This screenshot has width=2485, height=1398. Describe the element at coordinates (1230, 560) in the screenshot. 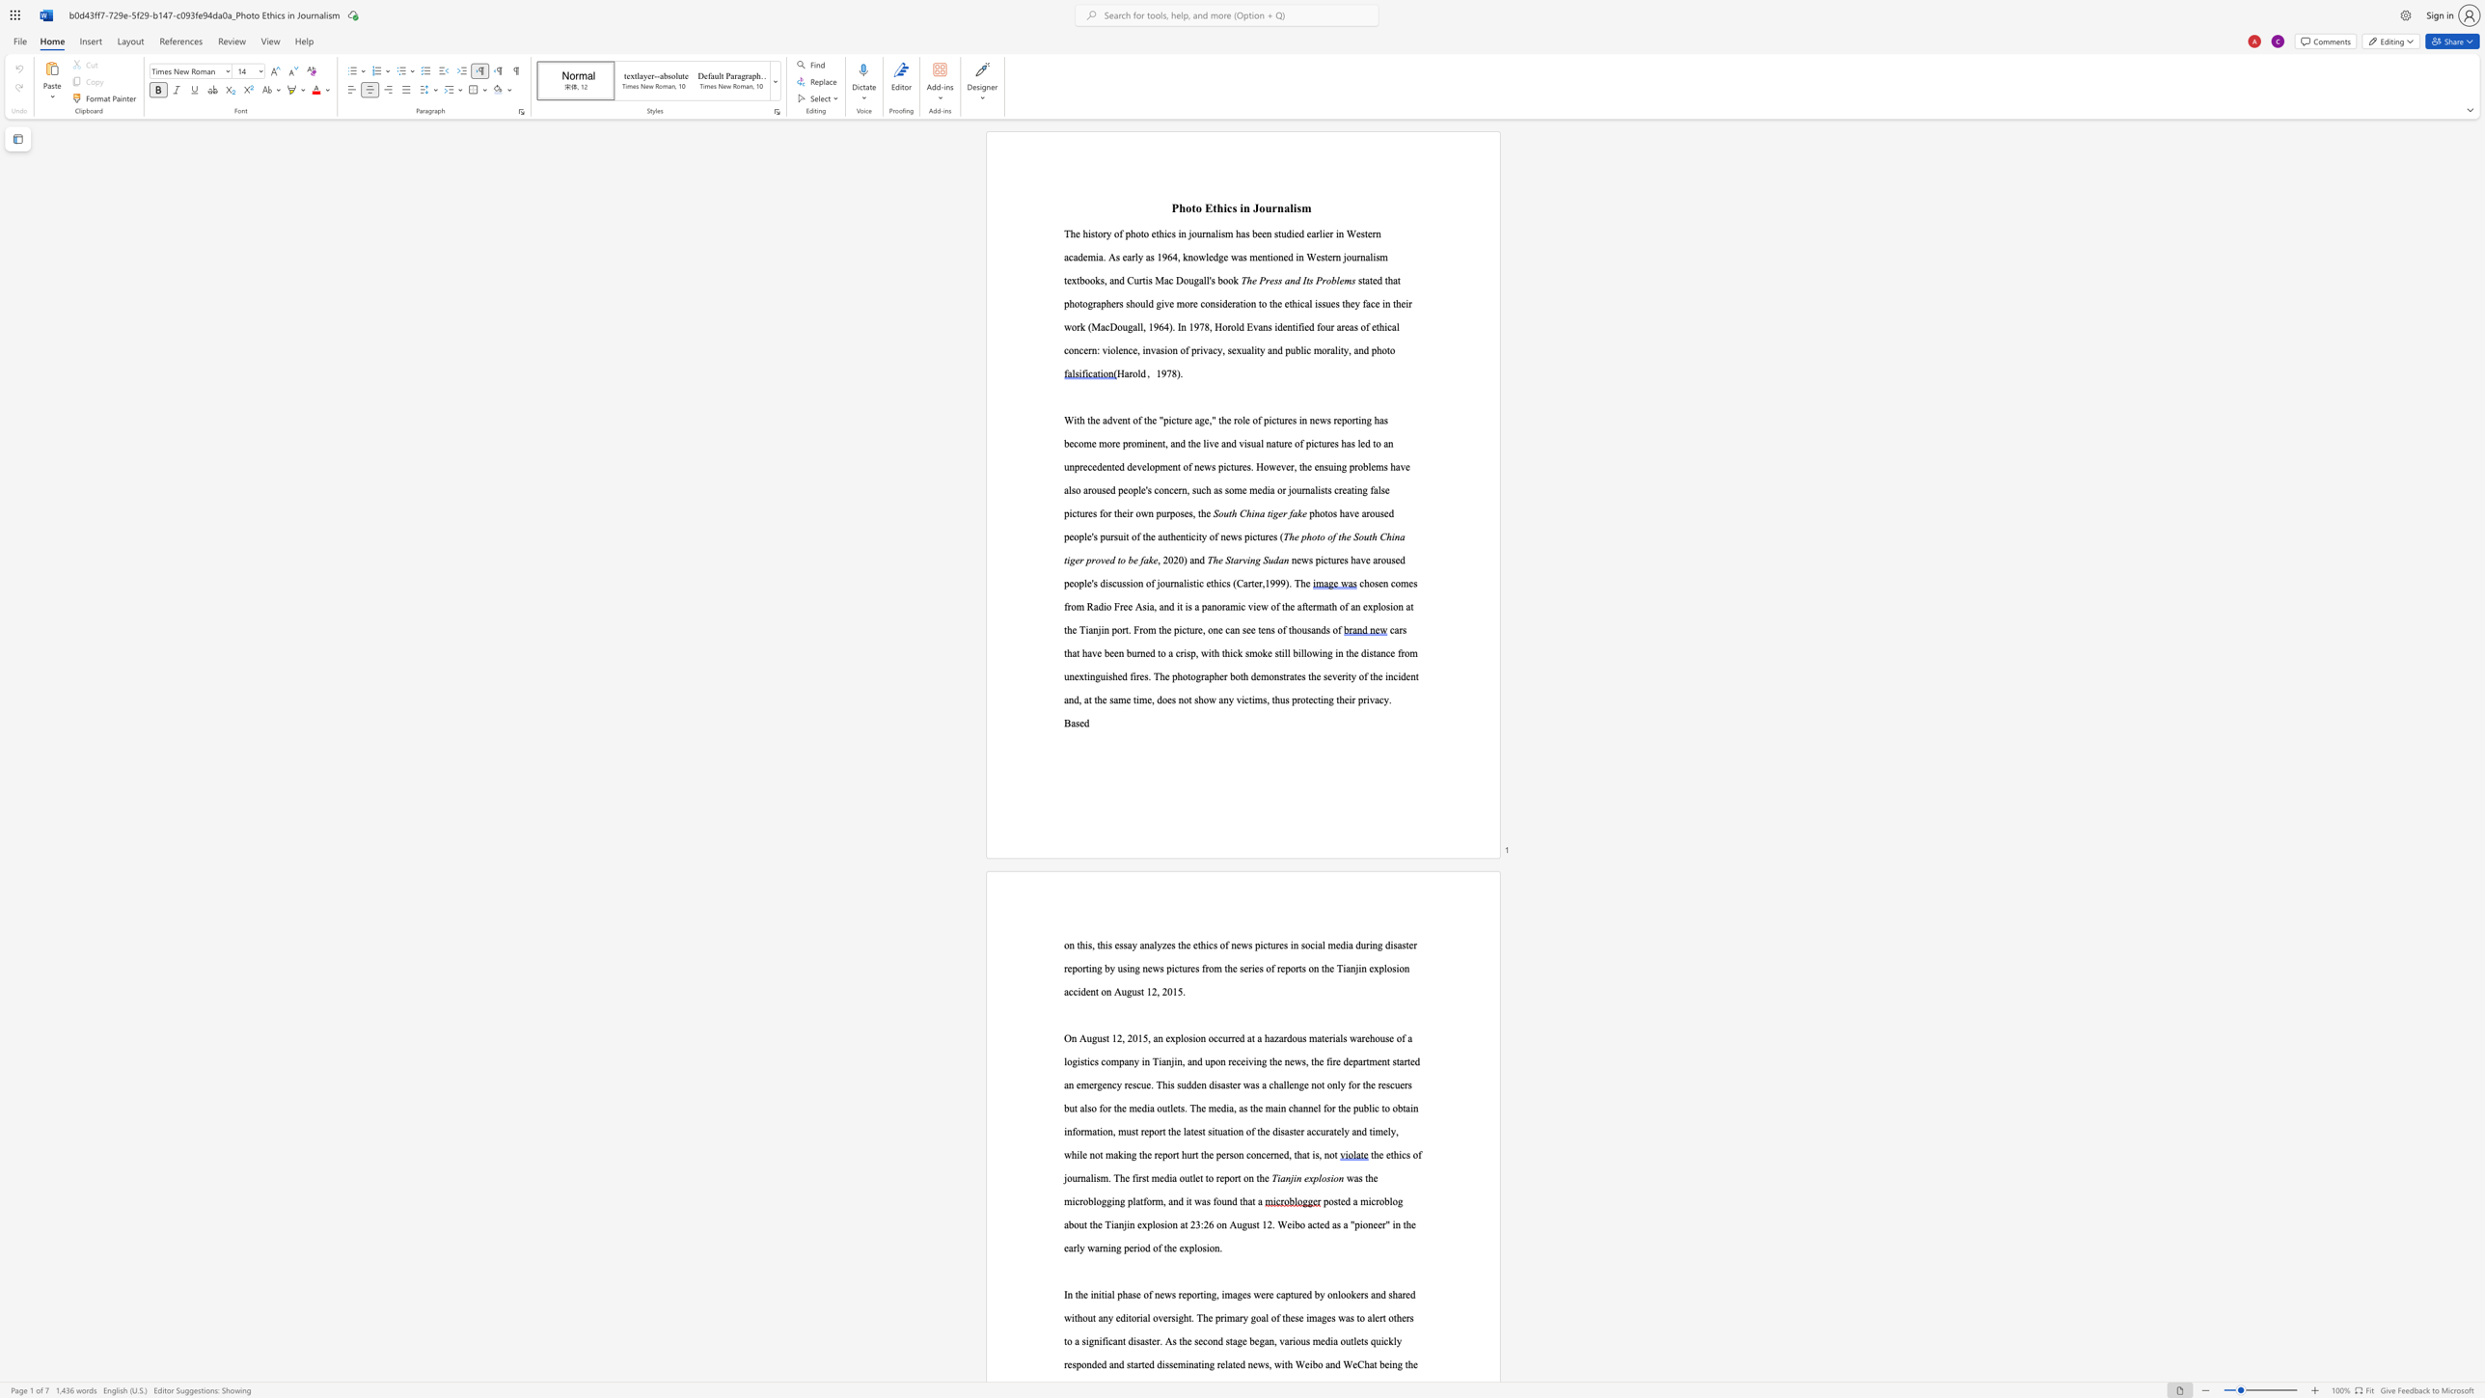

I see `the subset text "tarving S" within the text "The Starving Sudan"` at that location.